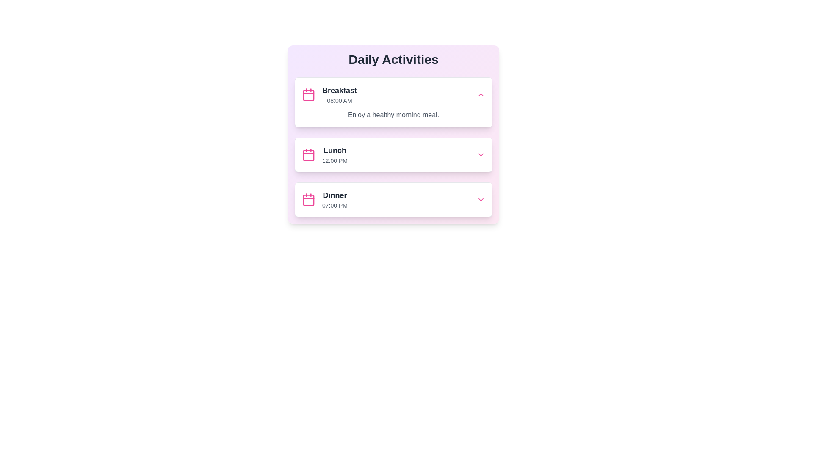 This screenshot has width=813, height=457. What do you see at coordinates (335, 150) in the screenshot?
I see `the text label titled 'Lunch' in the second card of the 'Daily Activities' list` at bounding box center [335, 150].